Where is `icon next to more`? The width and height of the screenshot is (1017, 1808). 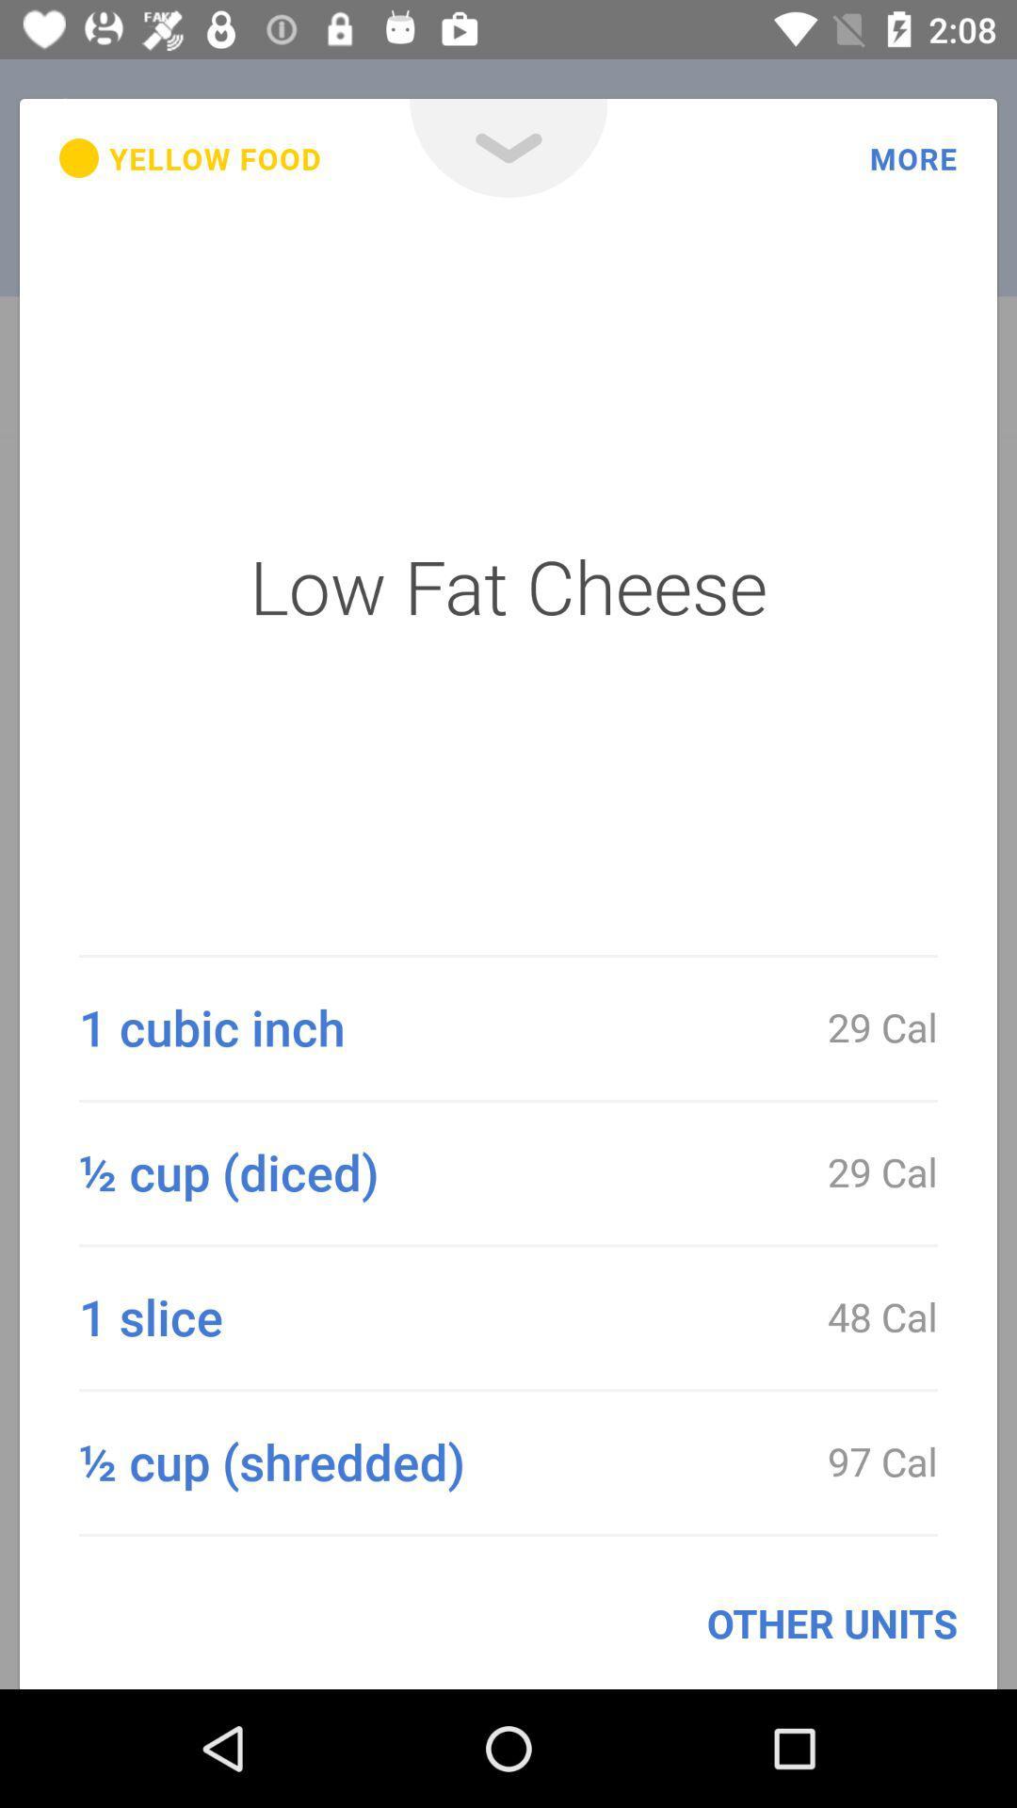 icon next to more is located at coordinates (508, 147).